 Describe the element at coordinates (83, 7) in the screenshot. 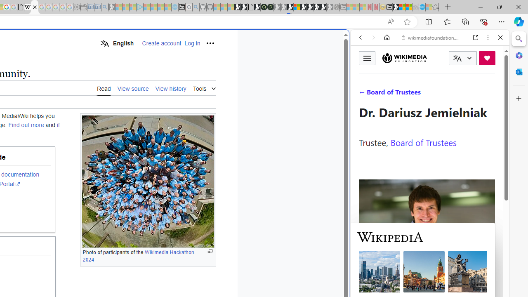

I see `'Wallet - Sleeping'` at that location.